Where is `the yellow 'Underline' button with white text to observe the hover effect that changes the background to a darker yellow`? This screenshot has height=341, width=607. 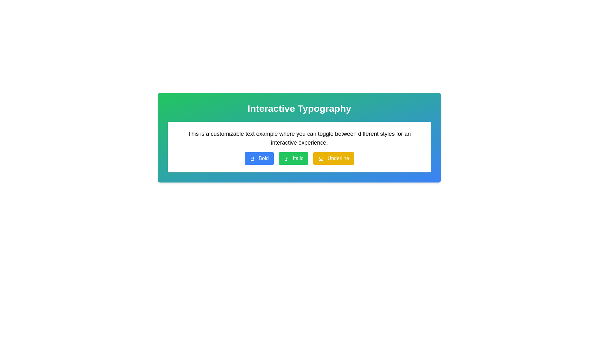
the yellow 'Underline' button with white text to observe the hover effect that changes the background to a darker yellow is located at coordinates (334, 158).